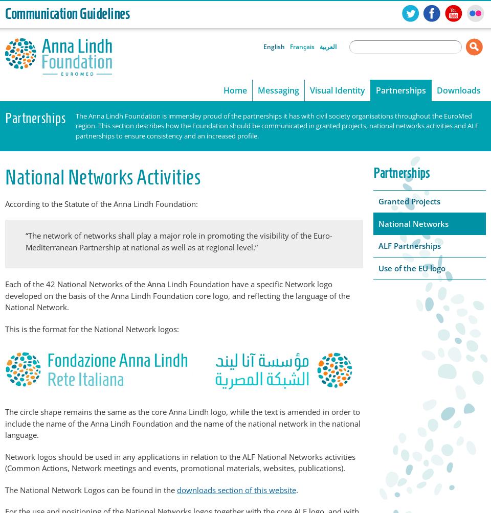  What do you see at coordinates (177, 295) in the screenshot?
I see `'Each of the 42 National Networks of the Anna Lindh Foundation have a specific Network logo developed on the basis of the Anna Lindh Foundation core logo, and reflecting the language of the National Network.'` at bounding box center [177, 295].